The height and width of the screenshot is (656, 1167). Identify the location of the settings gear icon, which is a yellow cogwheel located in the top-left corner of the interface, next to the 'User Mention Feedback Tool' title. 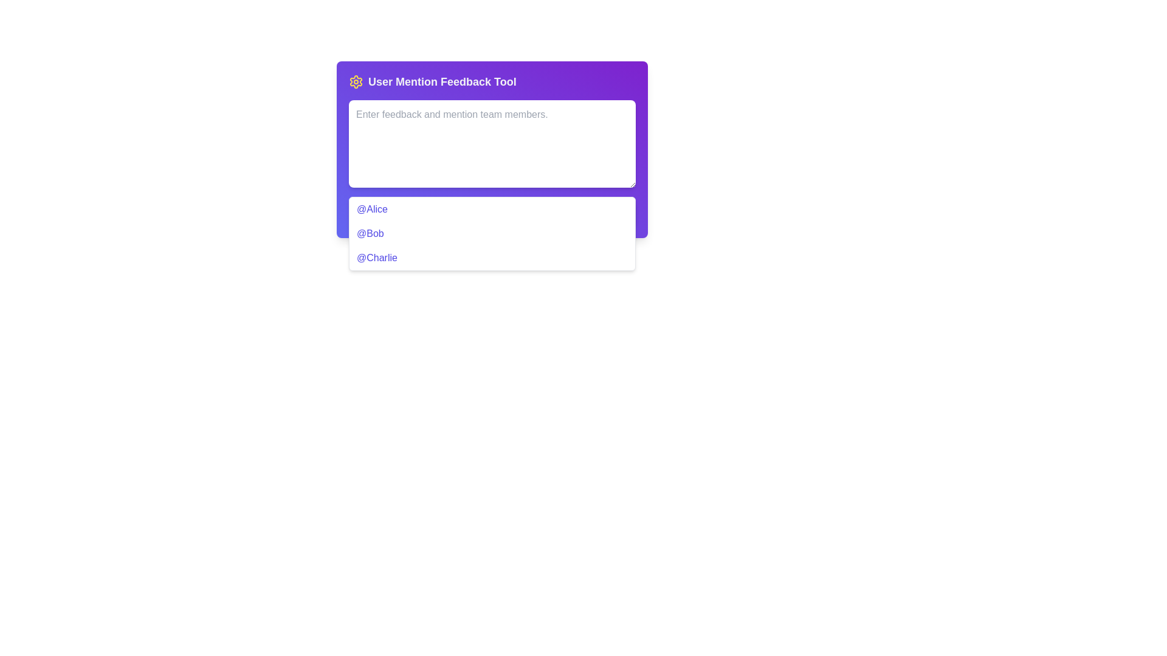
(355, 82).